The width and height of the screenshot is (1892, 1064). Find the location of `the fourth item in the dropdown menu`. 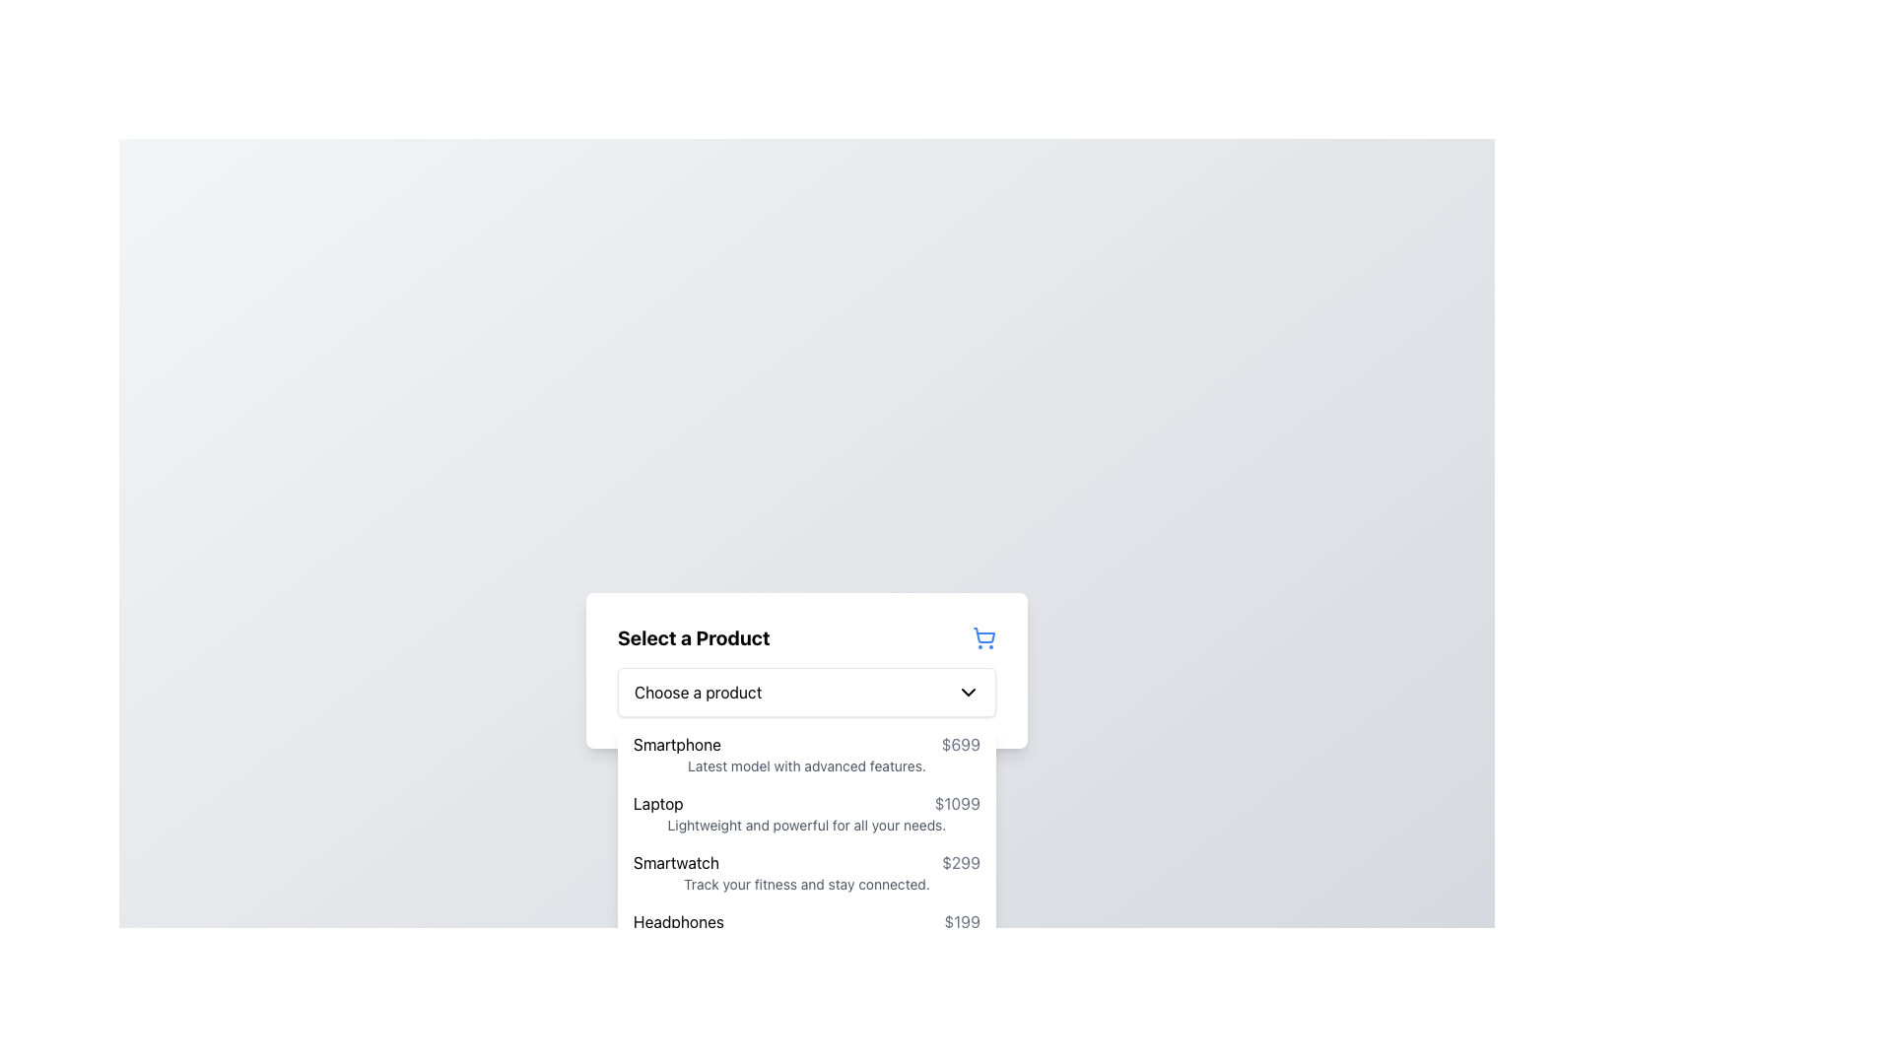

the fourth item in the dropdown menu is located at coordinates (807, 931).